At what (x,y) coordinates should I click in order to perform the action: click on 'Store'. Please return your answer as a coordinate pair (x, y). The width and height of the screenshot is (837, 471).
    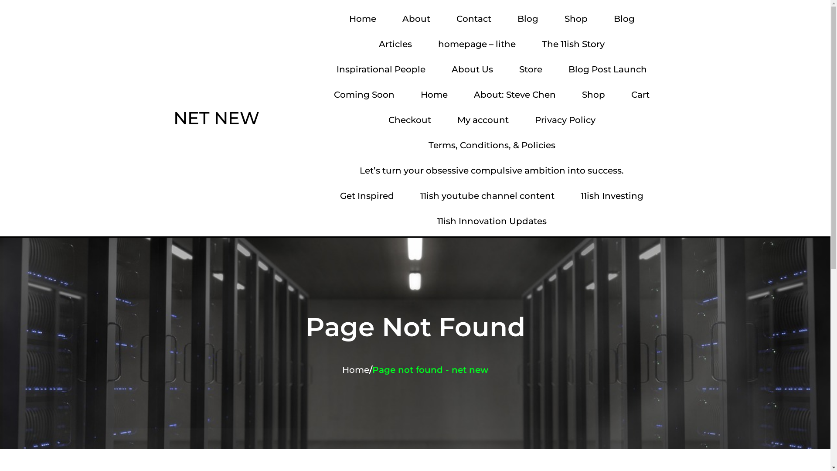
    Looking at the image, I should click on (530, 68).